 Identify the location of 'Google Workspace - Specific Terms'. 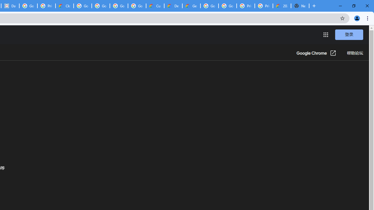
(119, 6).